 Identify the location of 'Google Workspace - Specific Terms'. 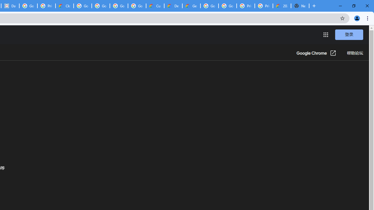
(119, 6).